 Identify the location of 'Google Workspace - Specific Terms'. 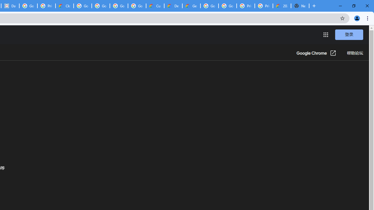
(119, 6).